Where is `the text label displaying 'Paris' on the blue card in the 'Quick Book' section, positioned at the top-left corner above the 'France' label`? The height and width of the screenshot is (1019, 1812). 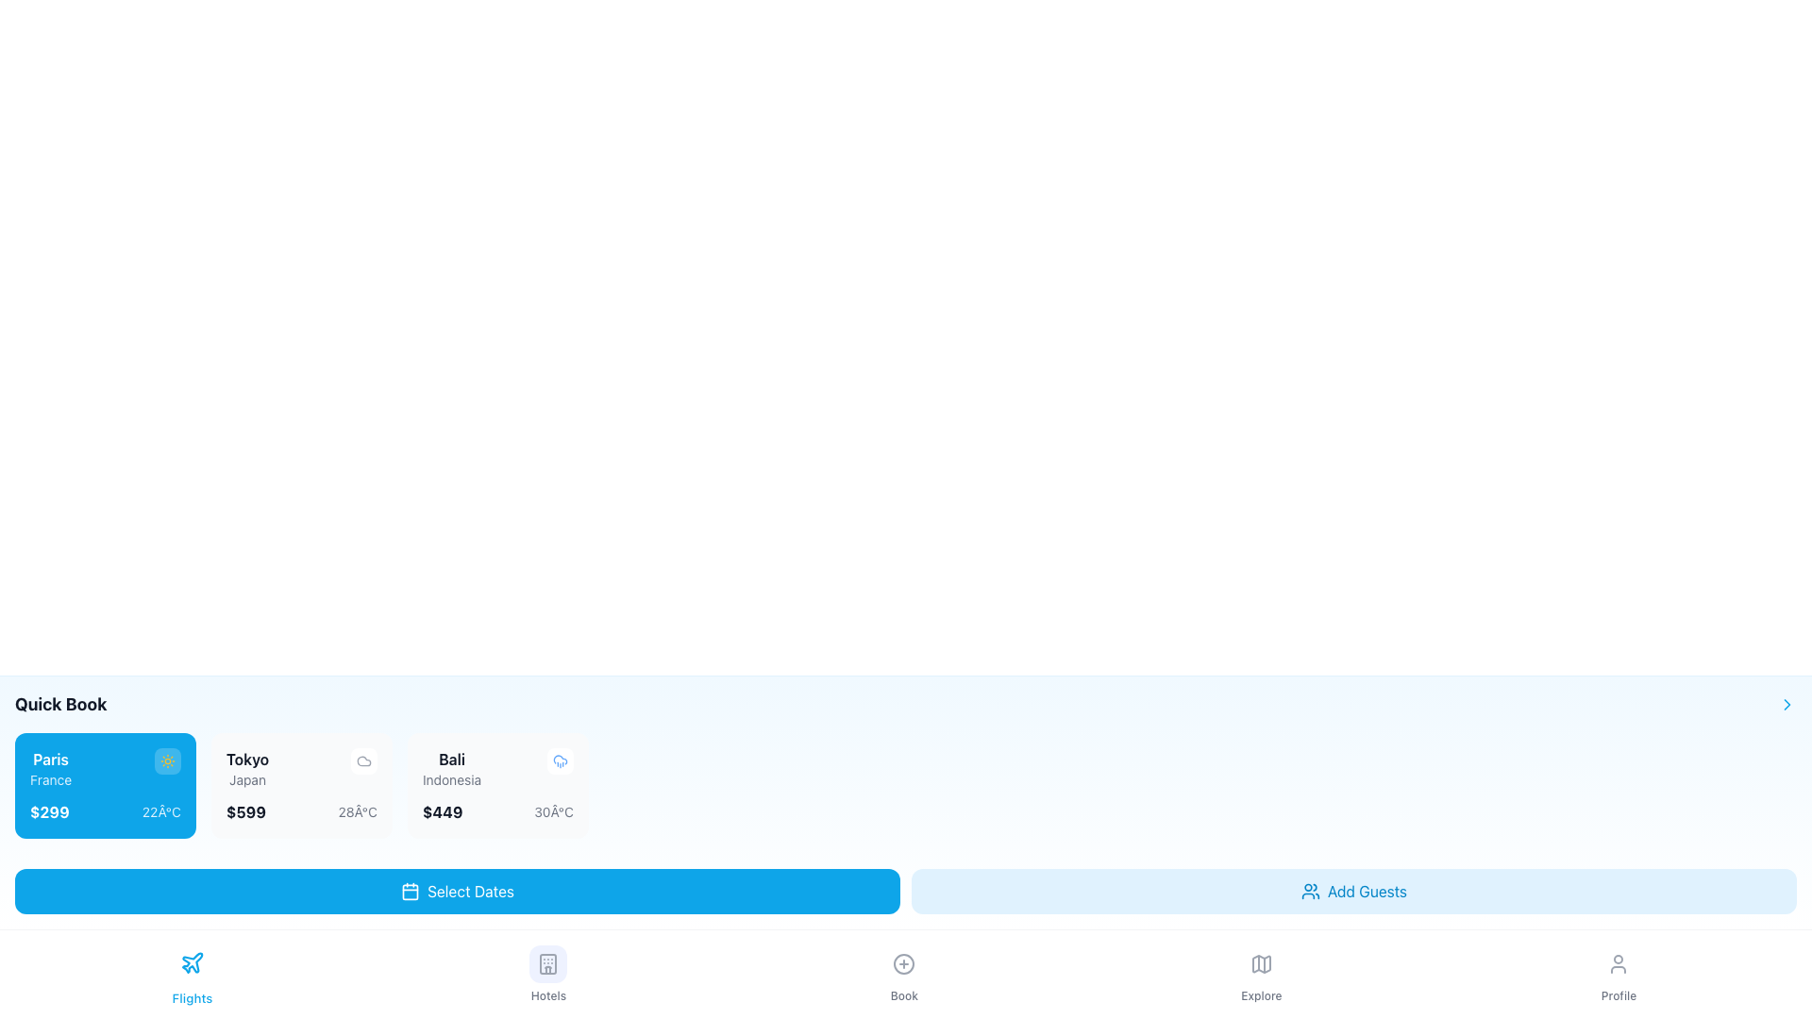 the text label displaying 'Paris' on the blue card in the 'Quick Book' section, positioned at the top-left corner above the 'France' label is located at coordinates (51, 759).